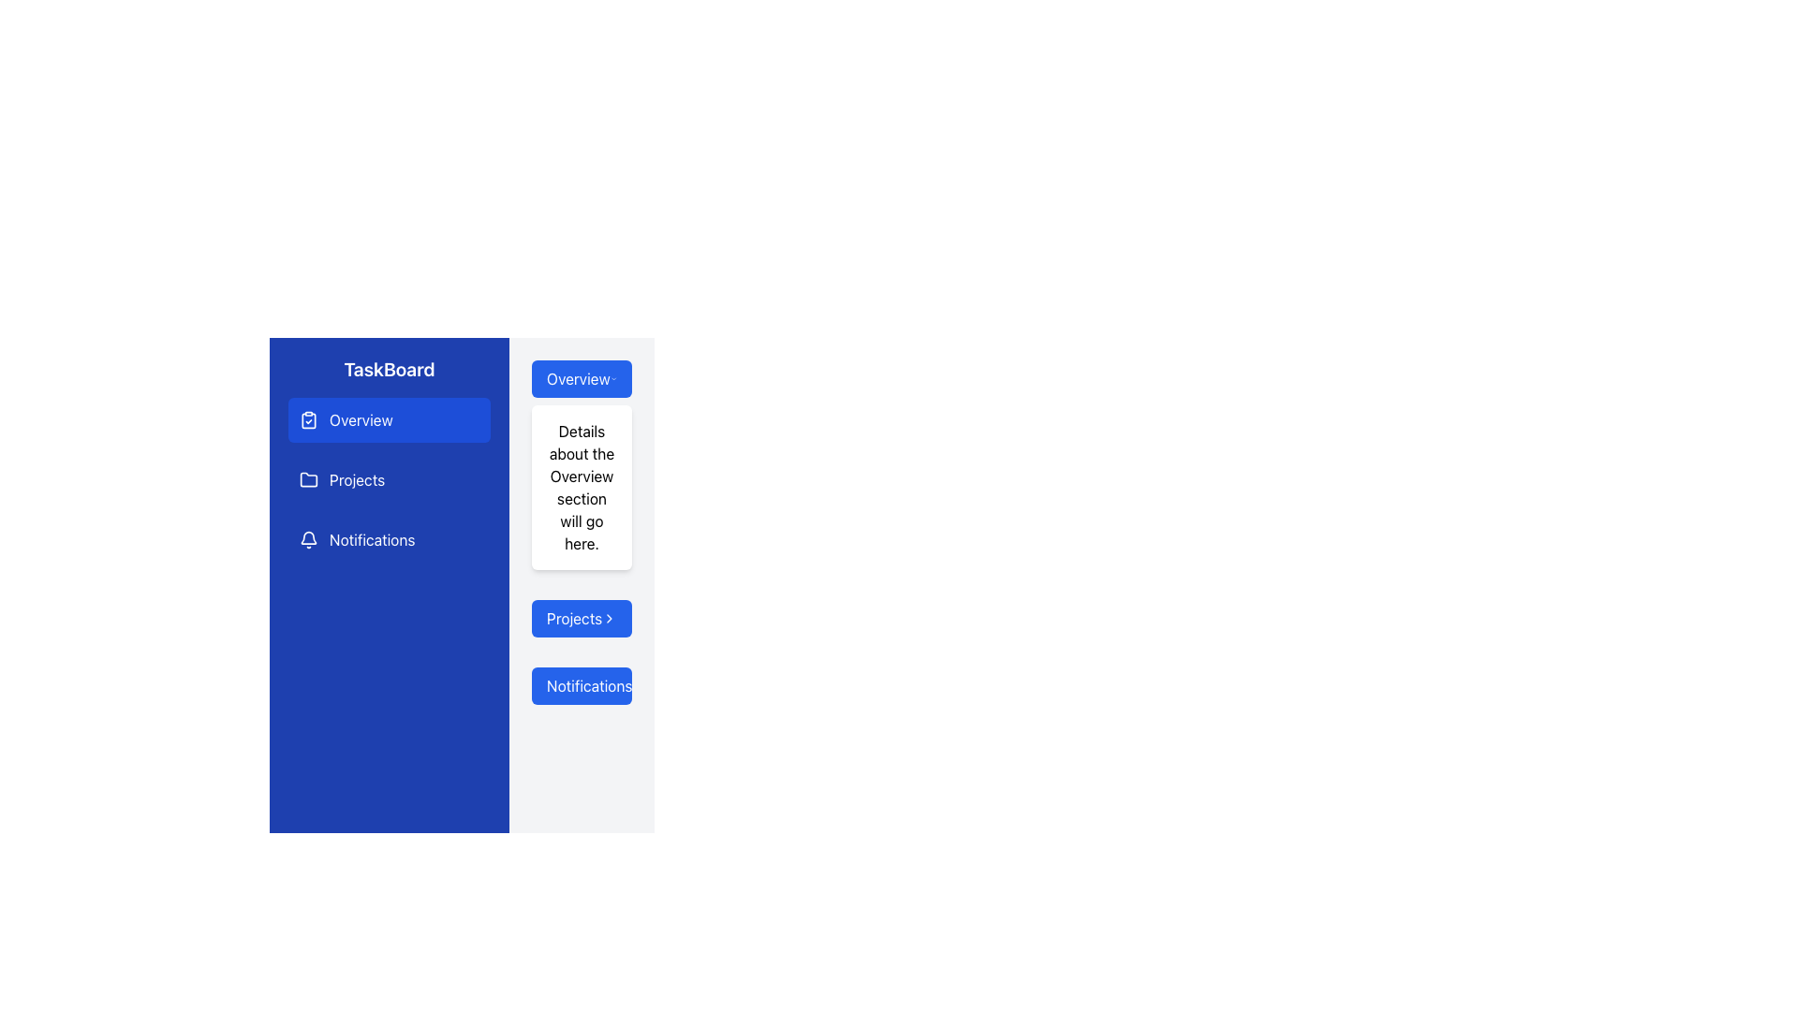 This screenshot has height=1011, width=1798. I want to click on text from the 'Projects' label, which is displayed in white on a blue background, located between the 'Overview' and 'Notifications' buttons, so click(573, 618).